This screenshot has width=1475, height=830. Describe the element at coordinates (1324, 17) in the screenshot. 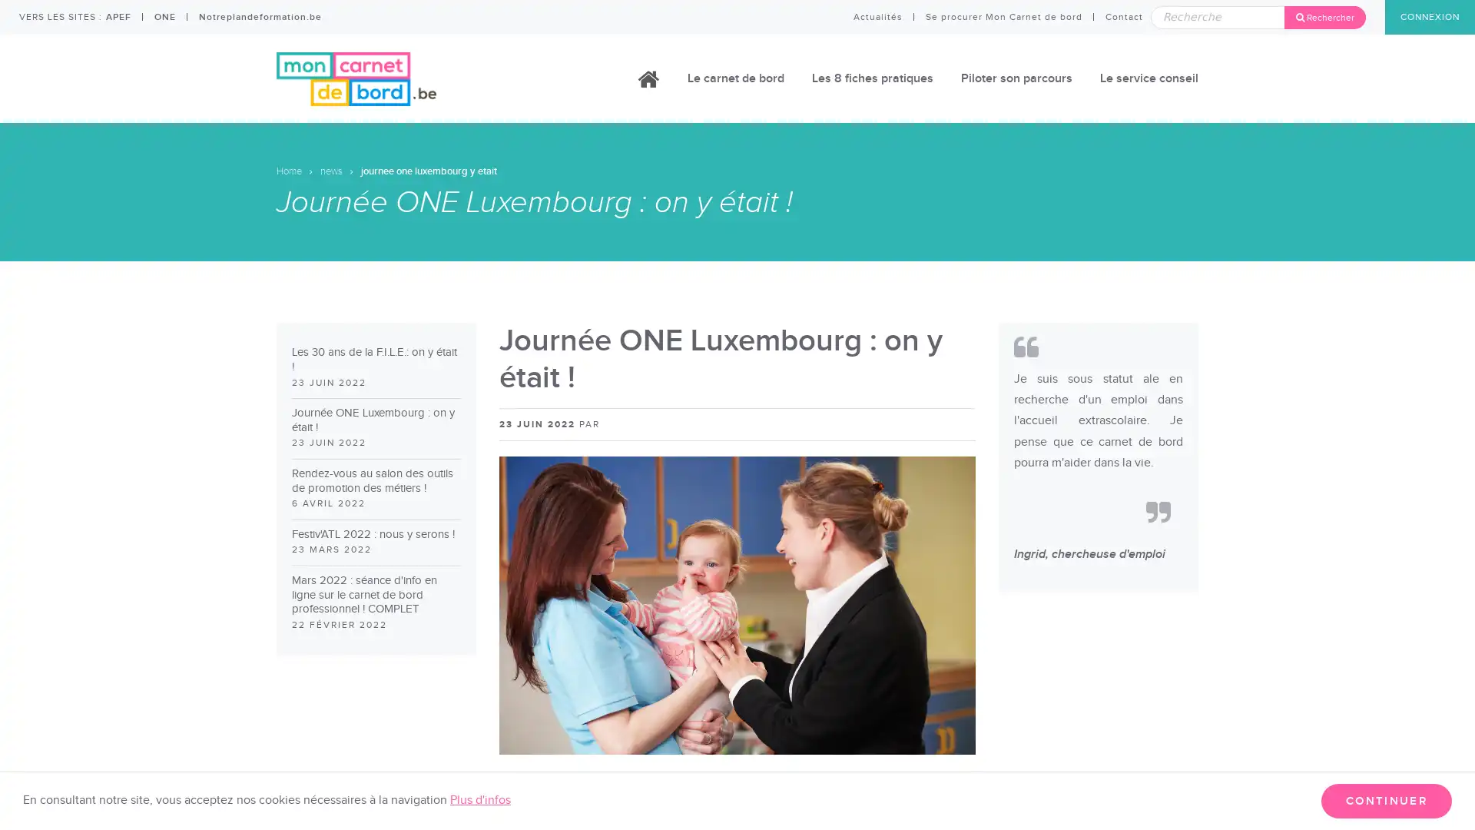

I see `Rechercher` at that location.